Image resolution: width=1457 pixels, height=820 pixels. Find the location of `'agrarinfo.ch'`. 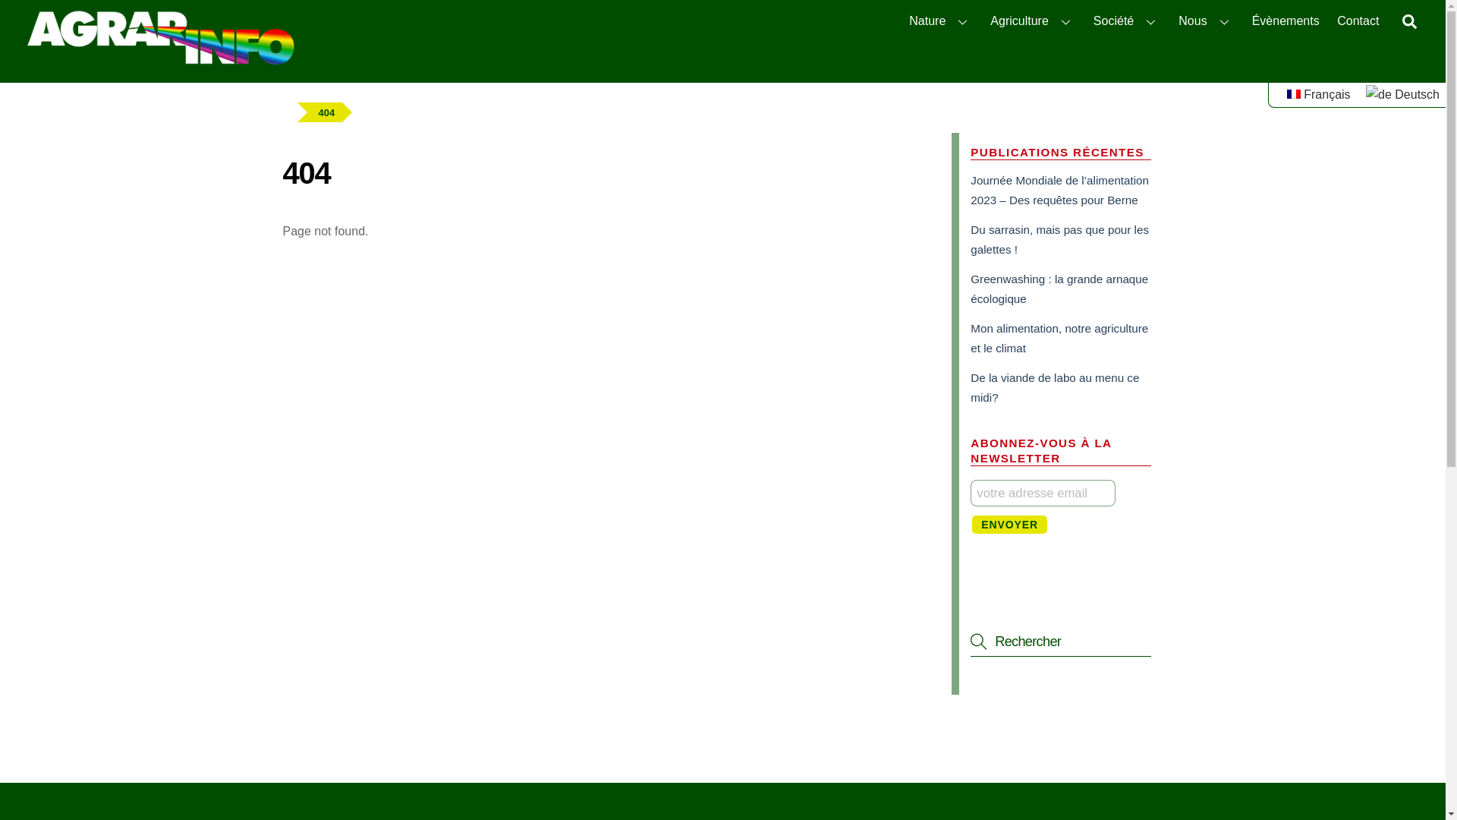

'agrarinfo.ch' is located at coordinates (160, 60).